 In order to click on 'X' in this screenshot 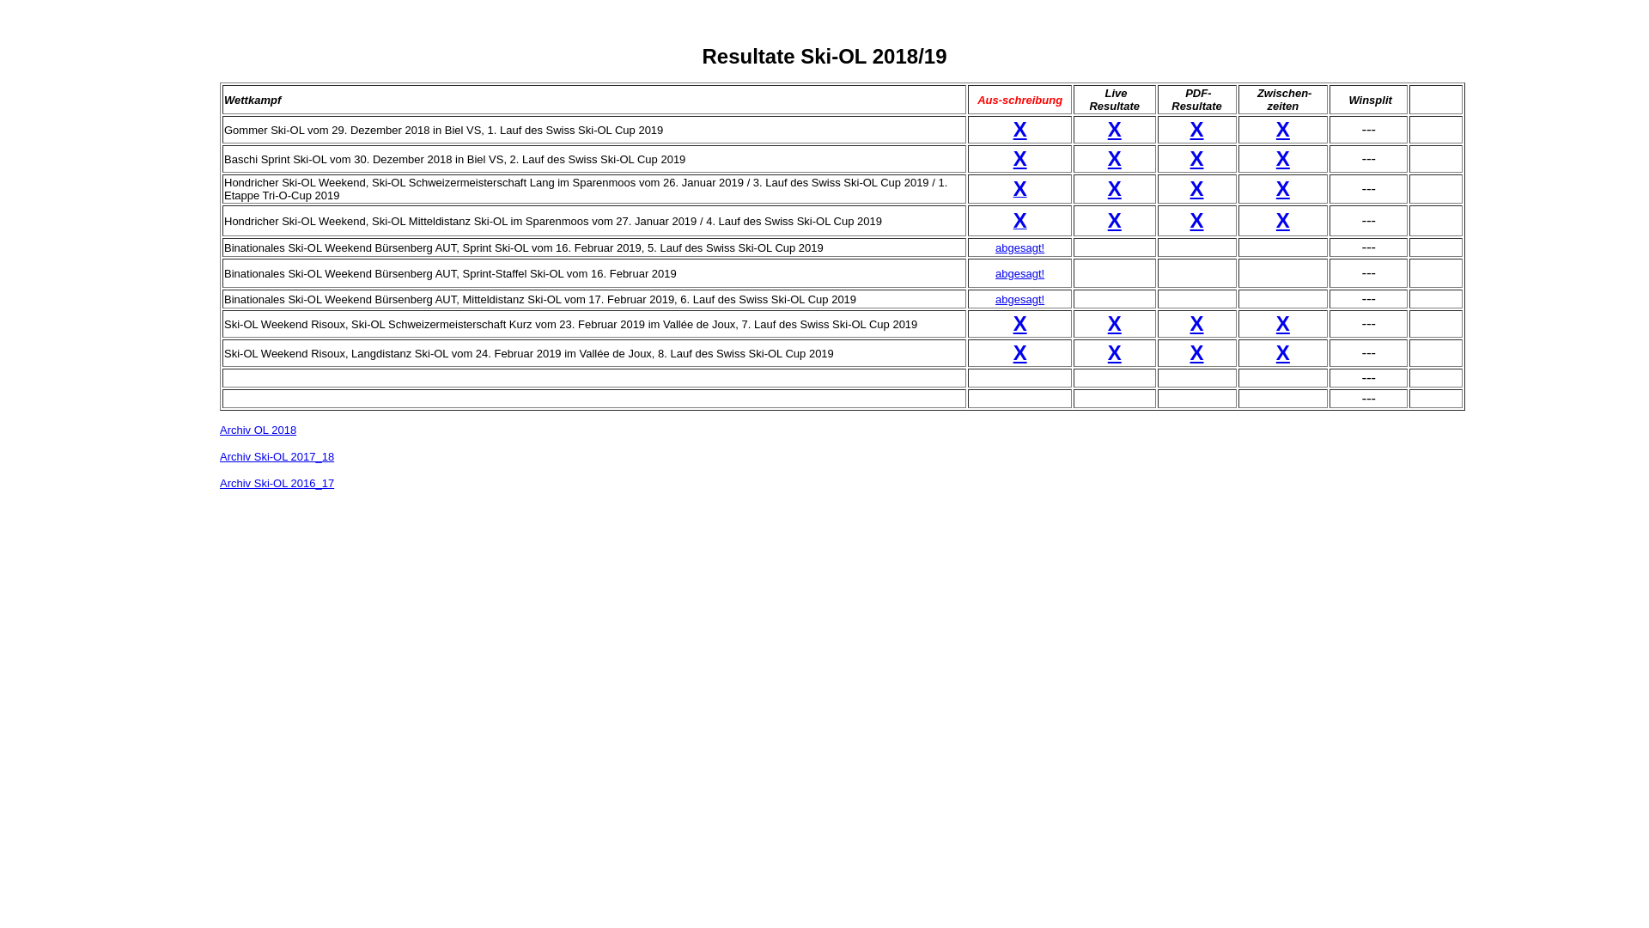, I will do `click(1114, 219)`.